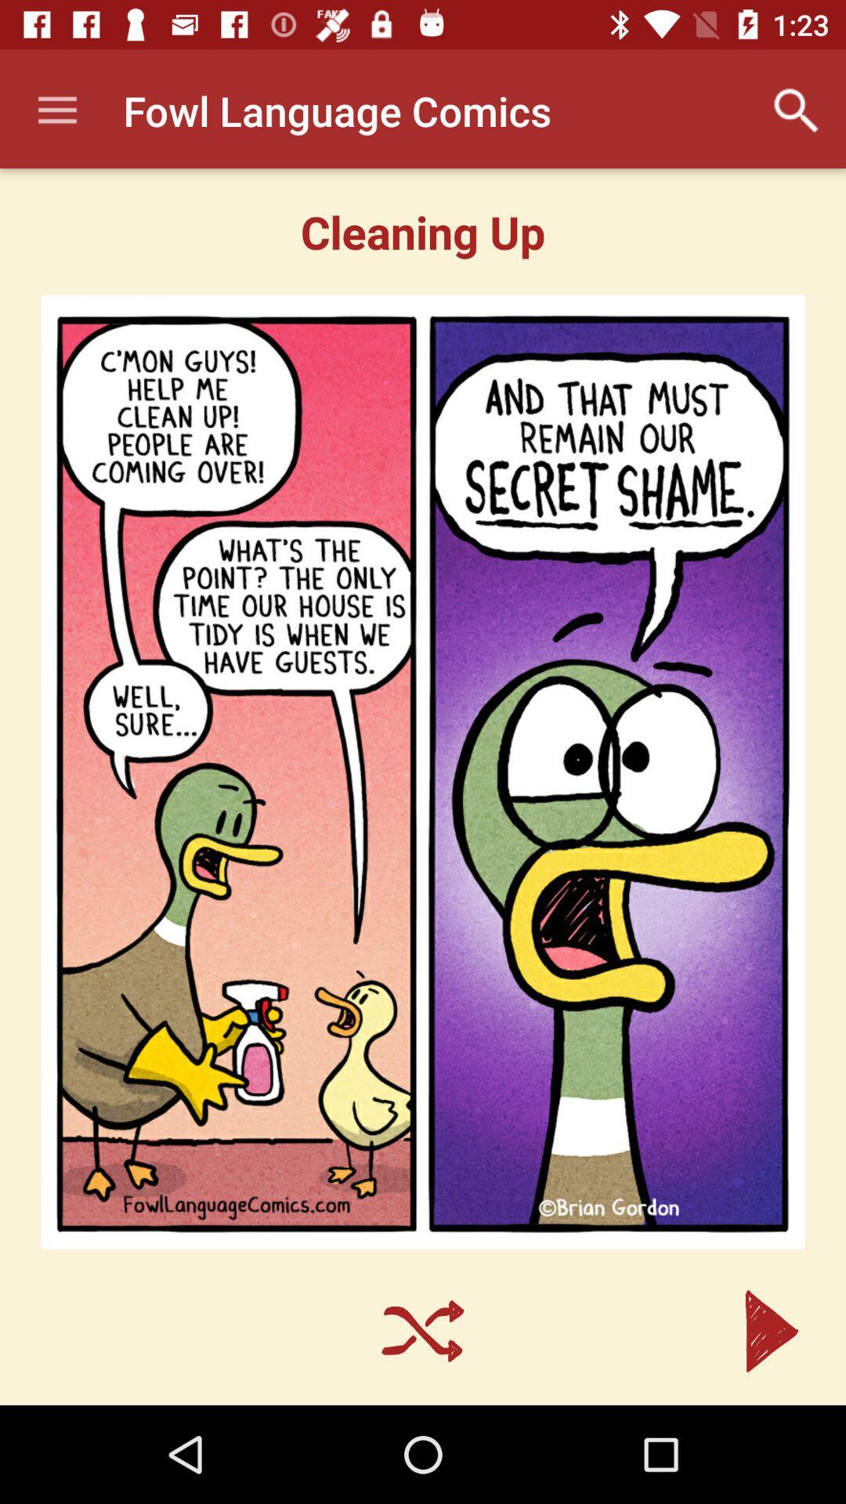 The image size is (846, 1504). What do you see at coordinates (423, 772) in the screenshot?
I see `icon at the center` at bounding box center [423, 772].